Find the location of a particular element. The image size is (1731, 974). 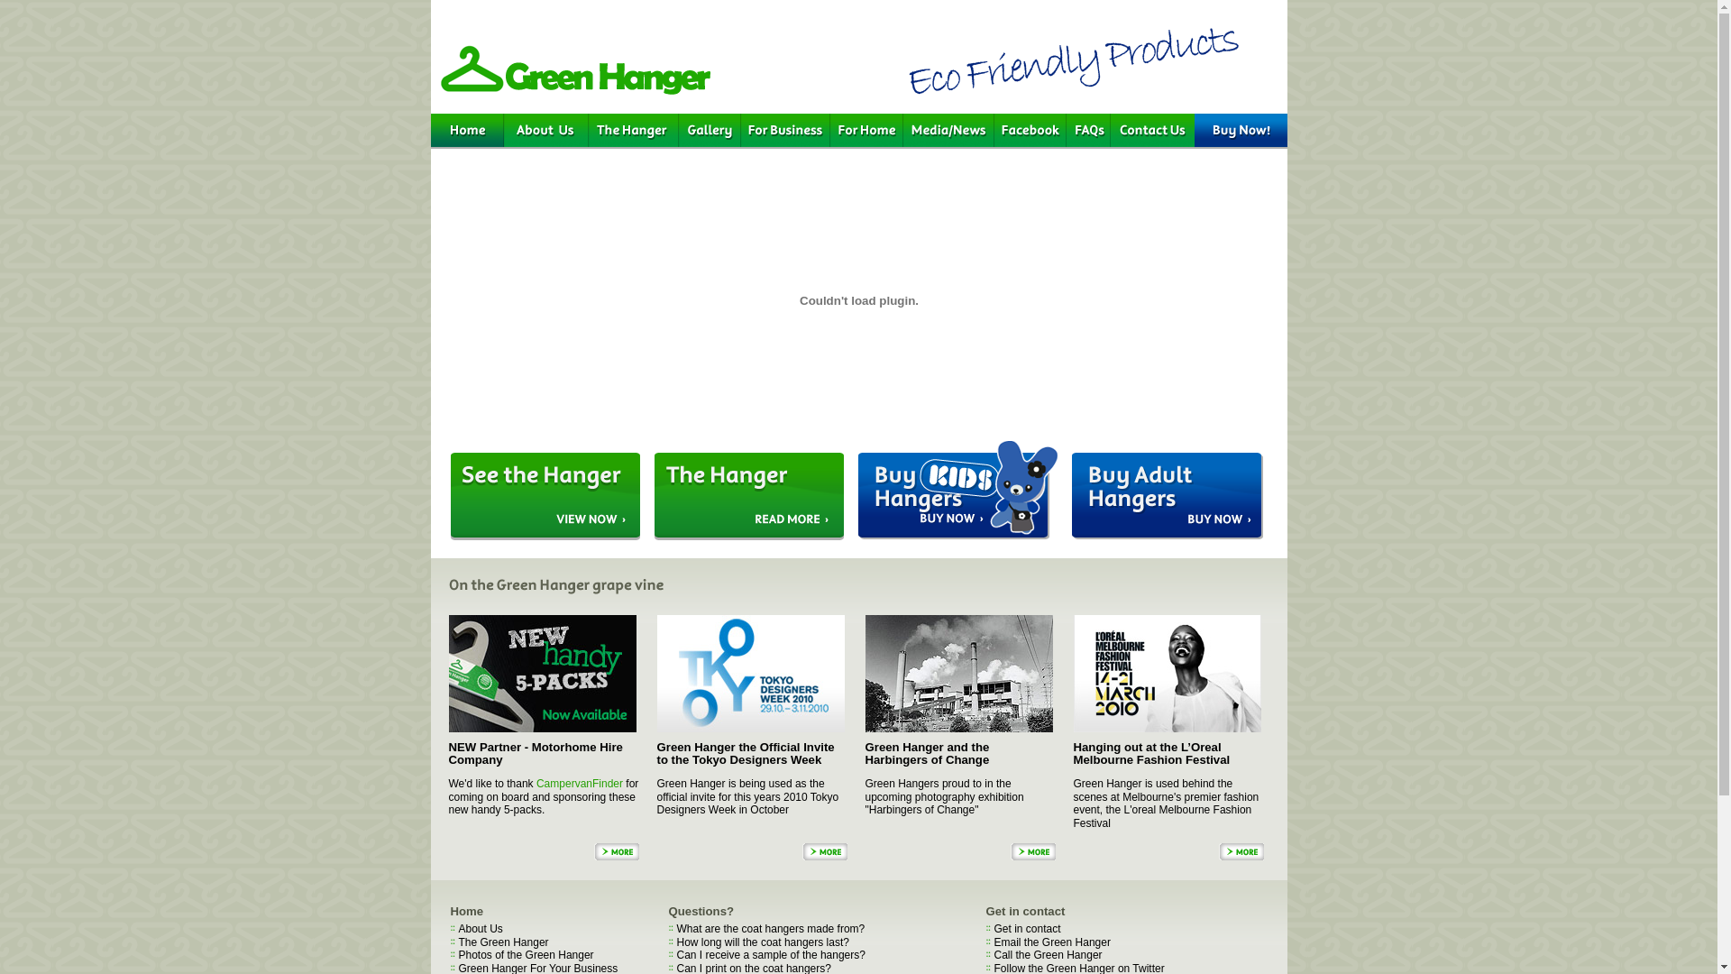

'What are the coat hangers made from?' is located at coordinates (770, 928).